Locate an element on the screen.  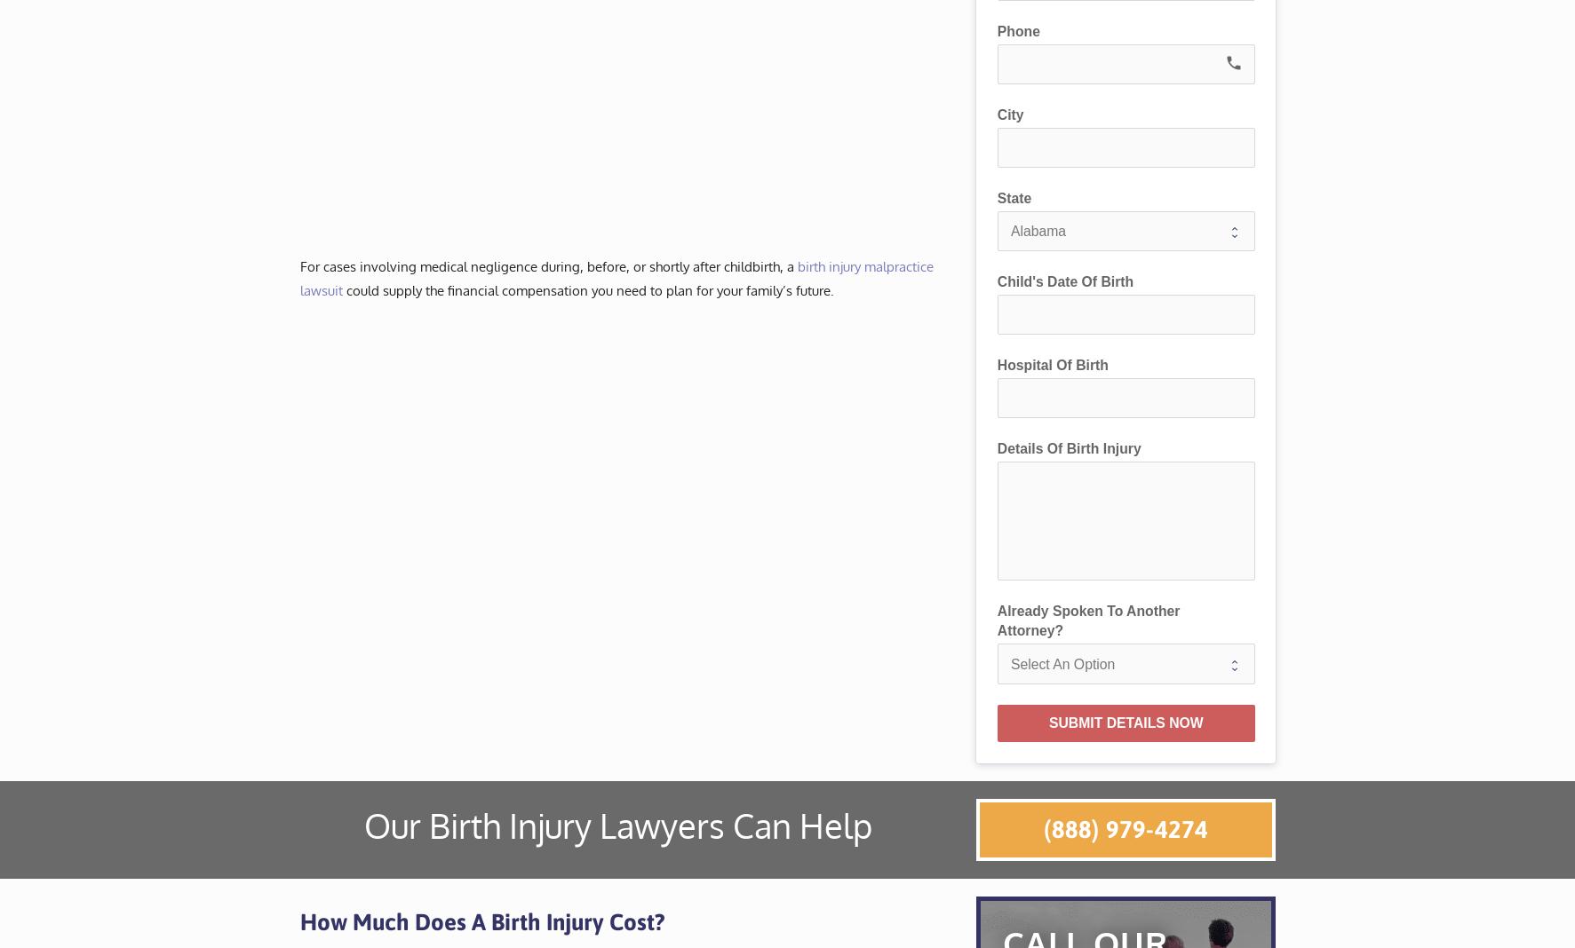
'(888) 979-4274' is located at coordinates (1125, 827).